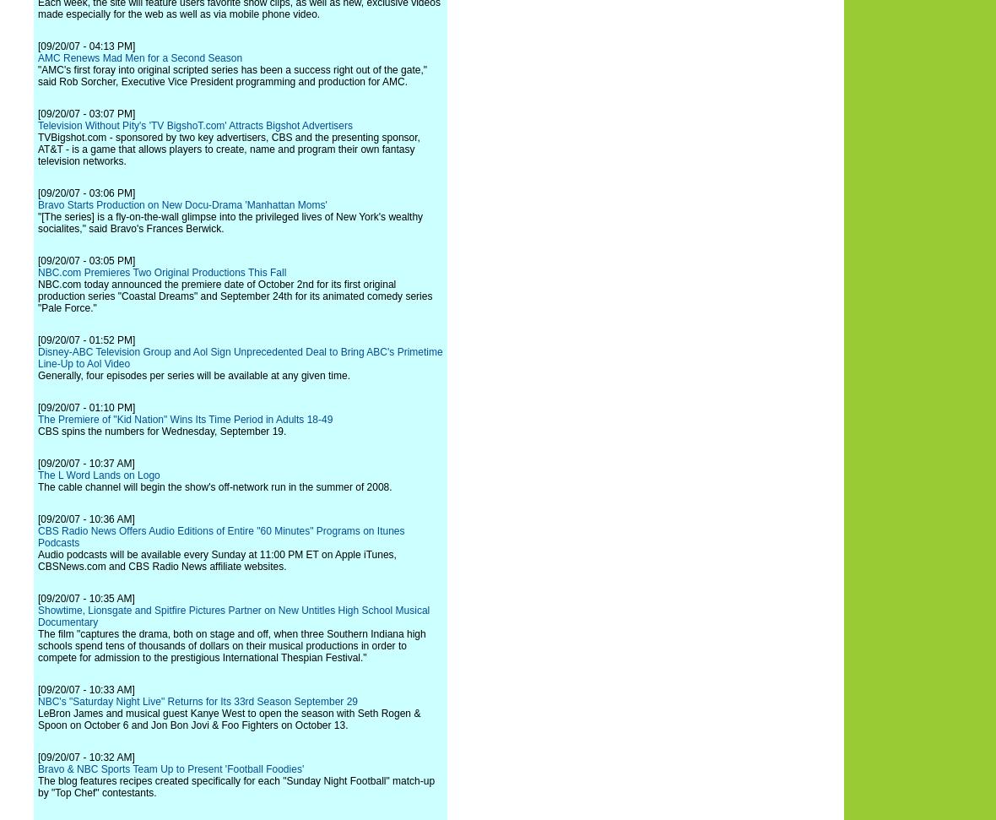 Image resolution: width=996 pixels, height=820 pixels. Describe the element at coordinates (161, 271) in the screenshot. I see `'NBC.com Premieres Two Original Productions This Fall'` at that location.